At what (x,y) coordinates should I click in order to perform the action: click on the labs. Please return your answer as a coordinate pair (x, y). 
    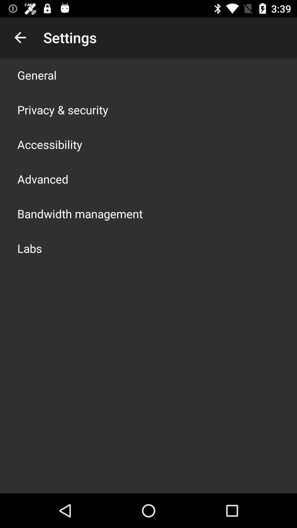
    Looking at the image, I should click on (30, 248).